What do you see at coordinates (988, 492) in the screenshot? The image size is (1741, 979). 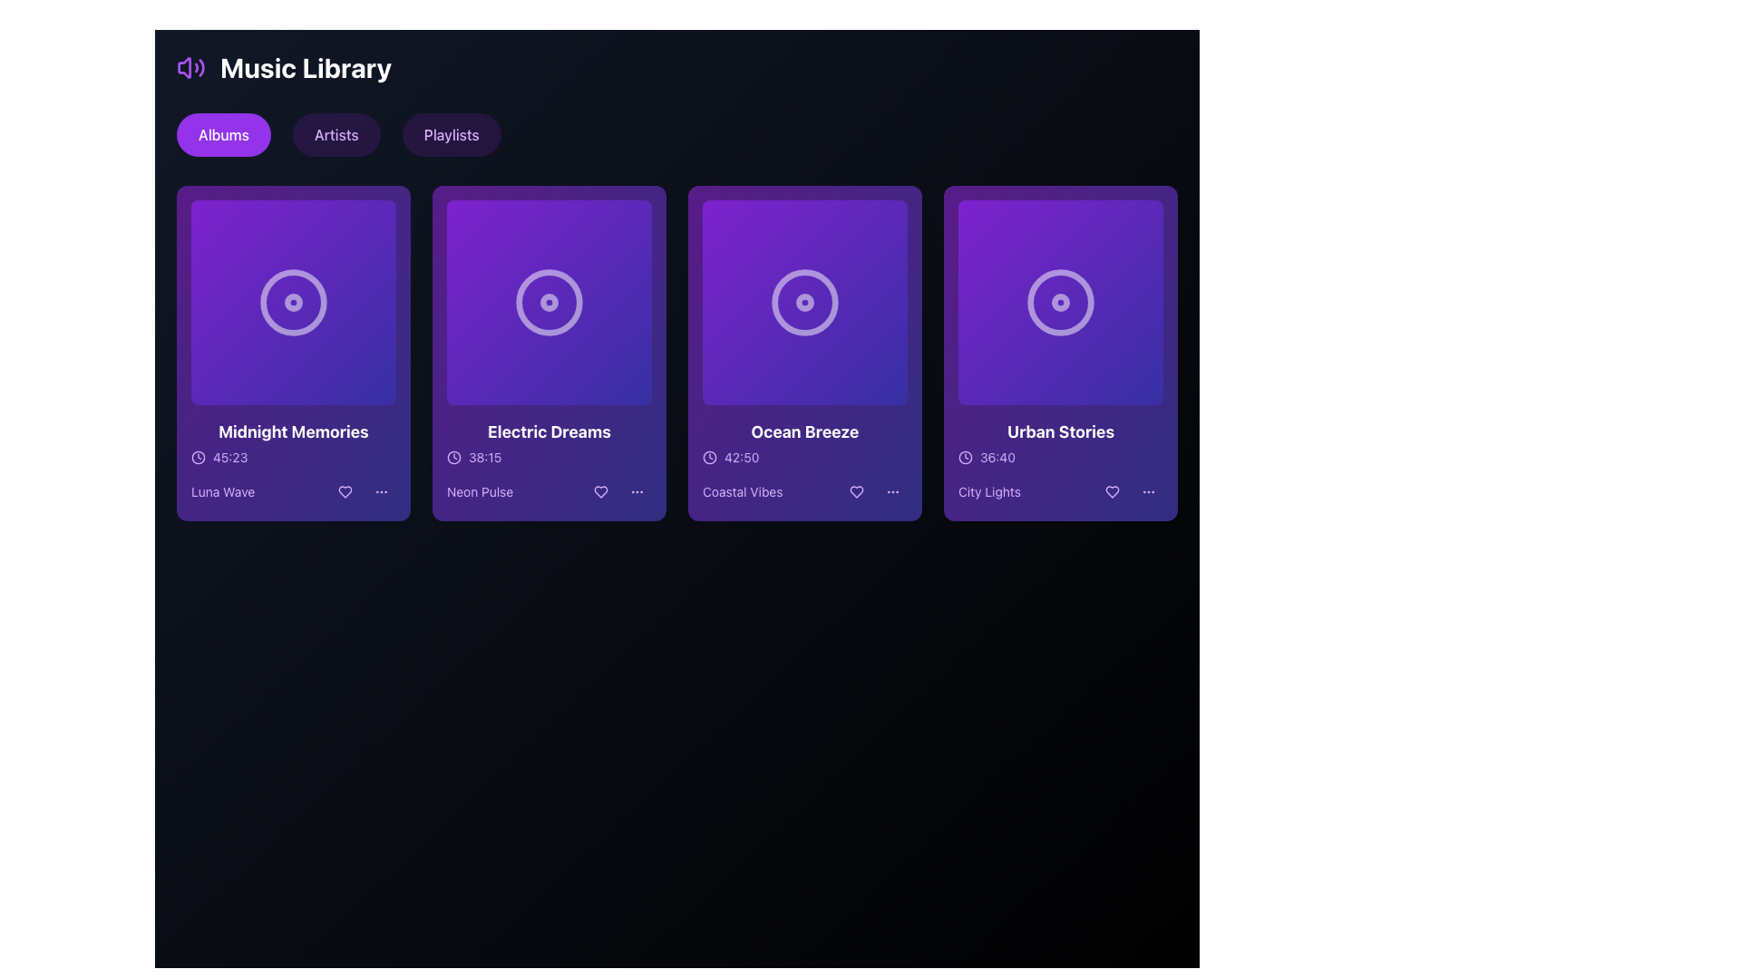 I see `the text label displaying 'City Lights' located at the bottom-right corner of the 'Urban Stories' card, beneath the duration indicator` at bounding box center [988, 492].